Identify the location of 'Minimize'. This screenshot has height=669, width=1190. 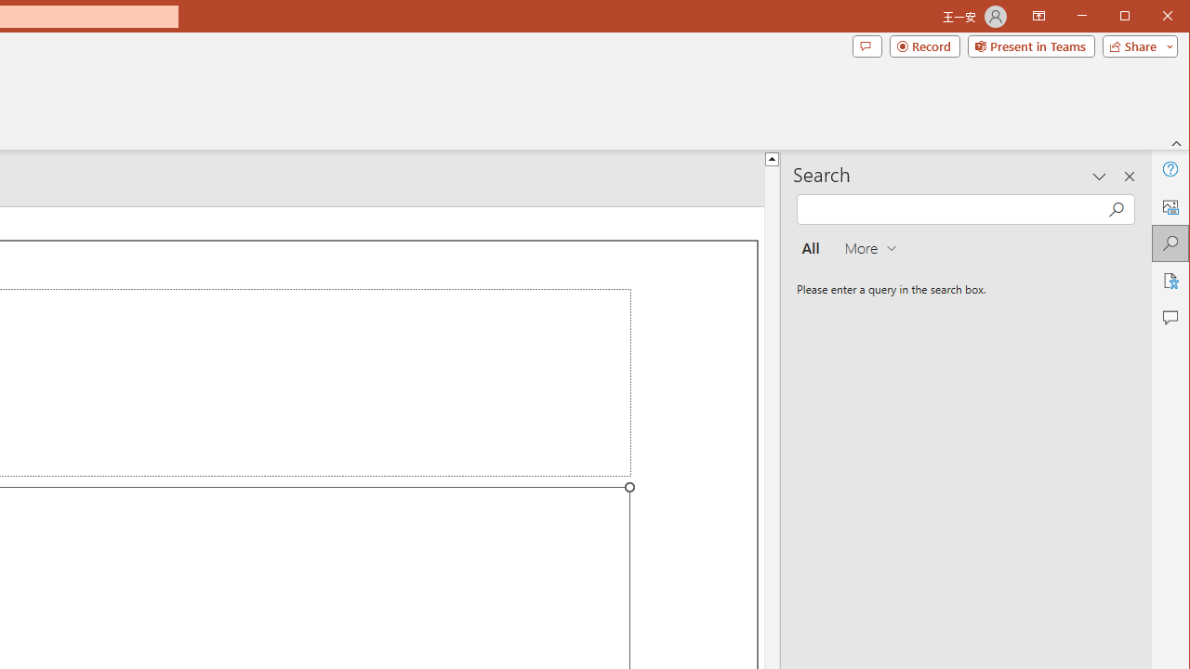
(1130, 18).